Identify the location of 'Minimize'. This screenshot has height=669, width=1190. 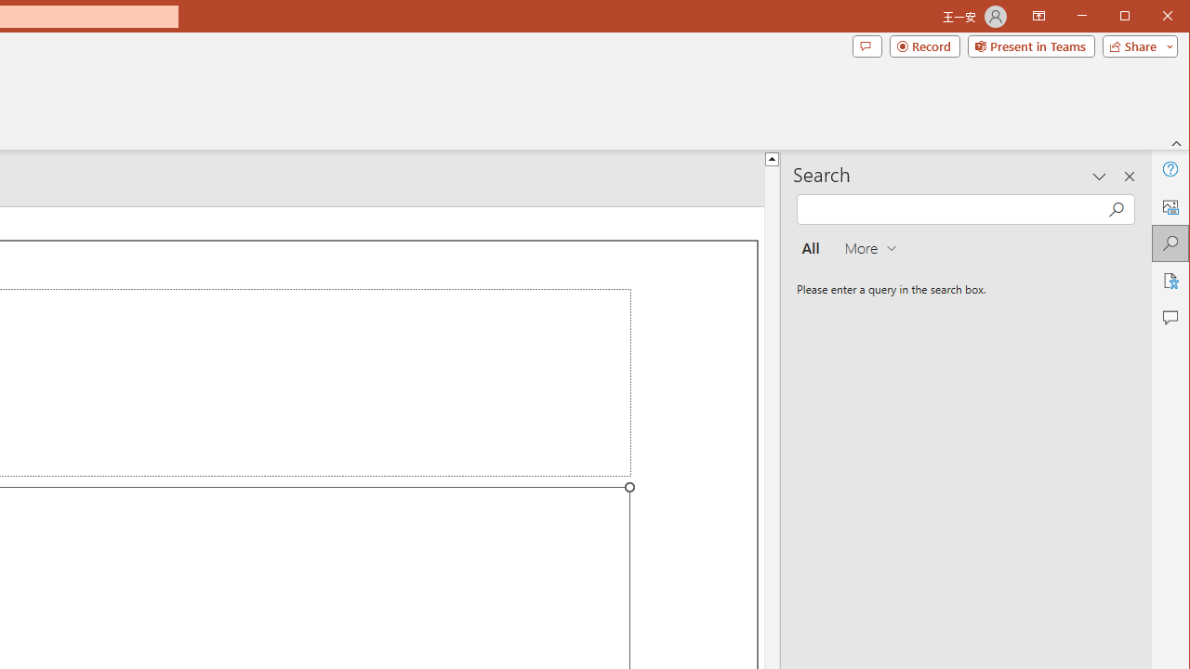
(1130, 18).